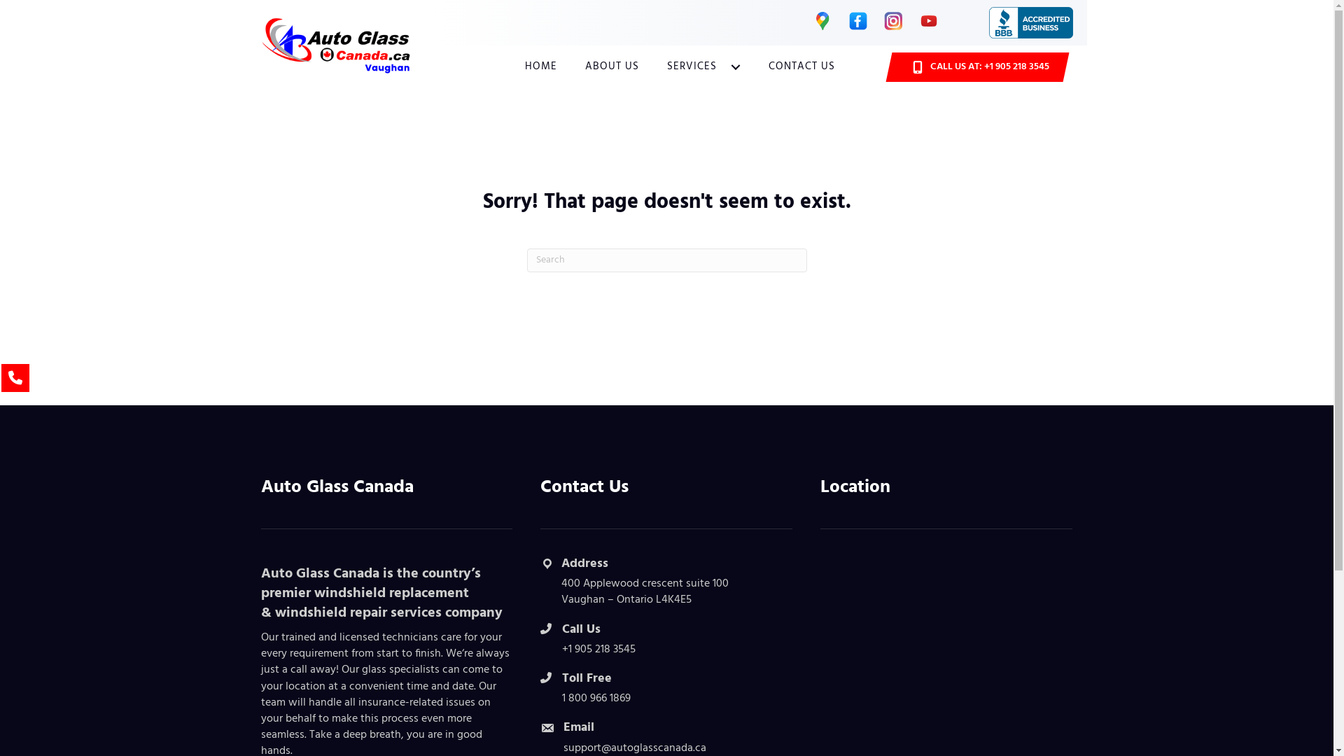  What do you see at coordinates (801, 67) in the screenshot?
I see `'CONTACT US'` at bounding box center [801, 67].